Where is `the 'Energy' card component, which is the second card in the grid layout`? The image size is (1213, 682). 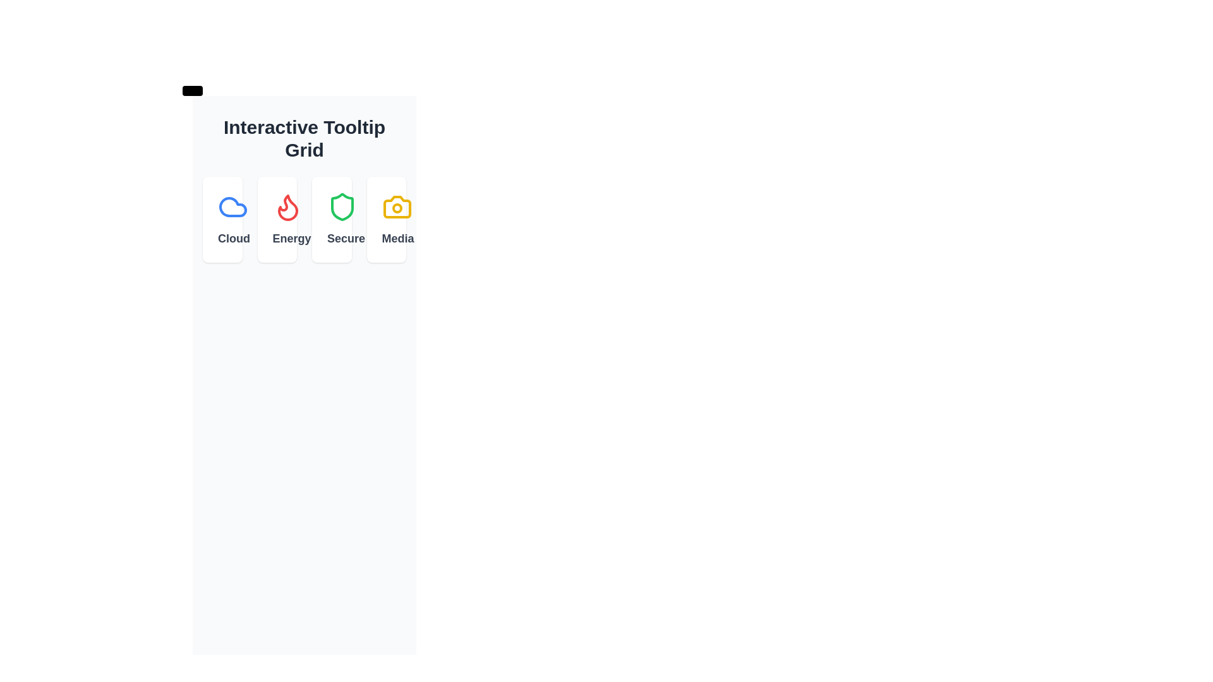
the 'Energy' card component, which is the second card in the grid layout is located at coordinates (276, 218).